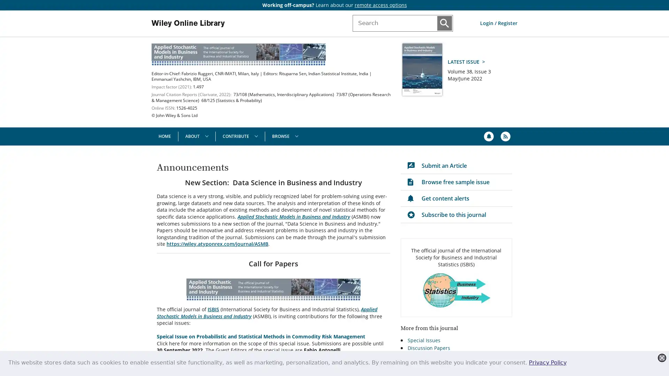 The image size is (669, 376). I want to click on Log in or Register, so click(498, 23).